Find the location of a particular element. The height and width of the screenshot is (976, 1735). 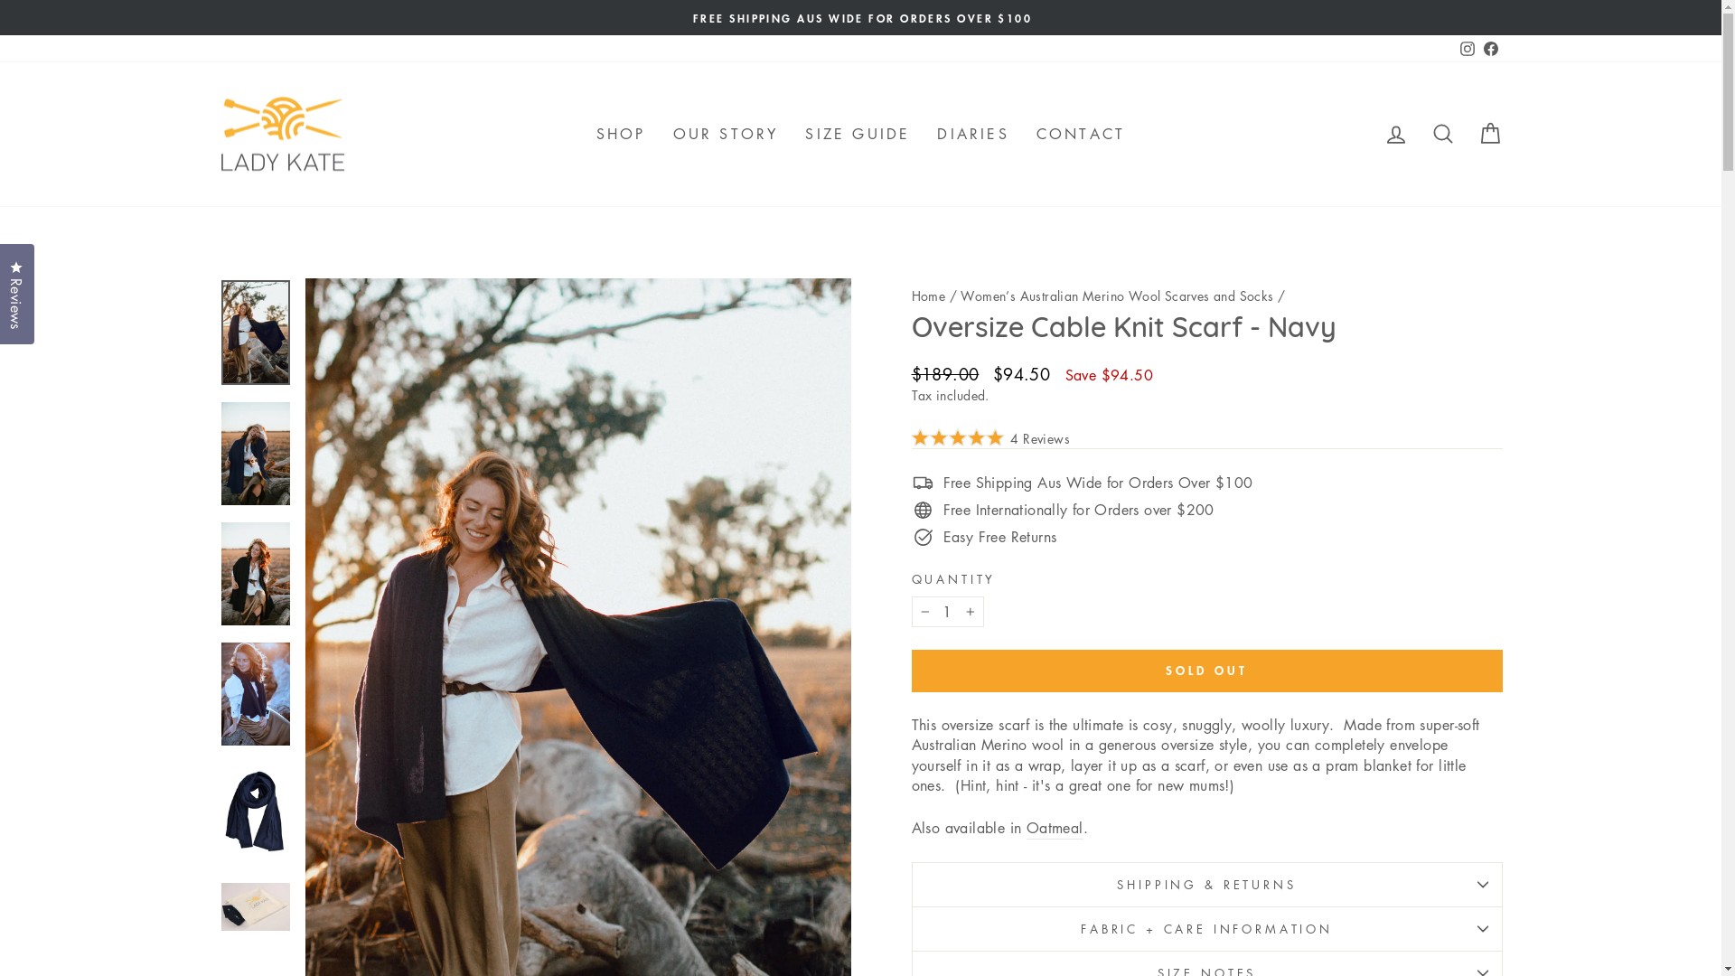

'+' is located at coordinates (969, 611).